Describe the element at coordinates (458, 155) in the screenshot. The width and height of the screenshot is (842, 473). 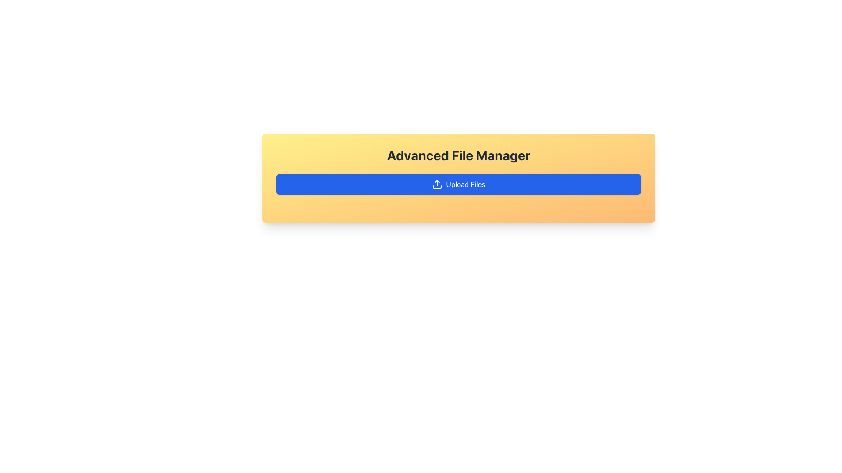
I see `the non-interactive text label that serves as the primary heading above the 'Upload Files' text element` at that location.